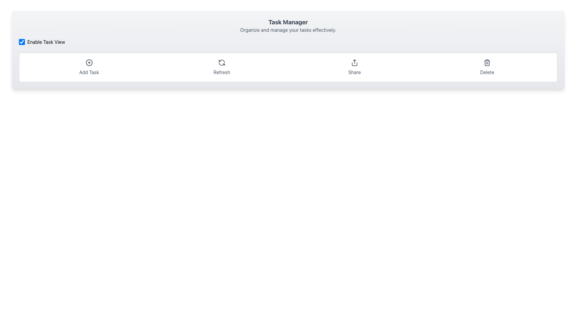  I want to click on the 'Add Task' button, which is a circular icon with a plus sign and text below it, located on the far left of the button series in the task management interface, so click(89, 67).